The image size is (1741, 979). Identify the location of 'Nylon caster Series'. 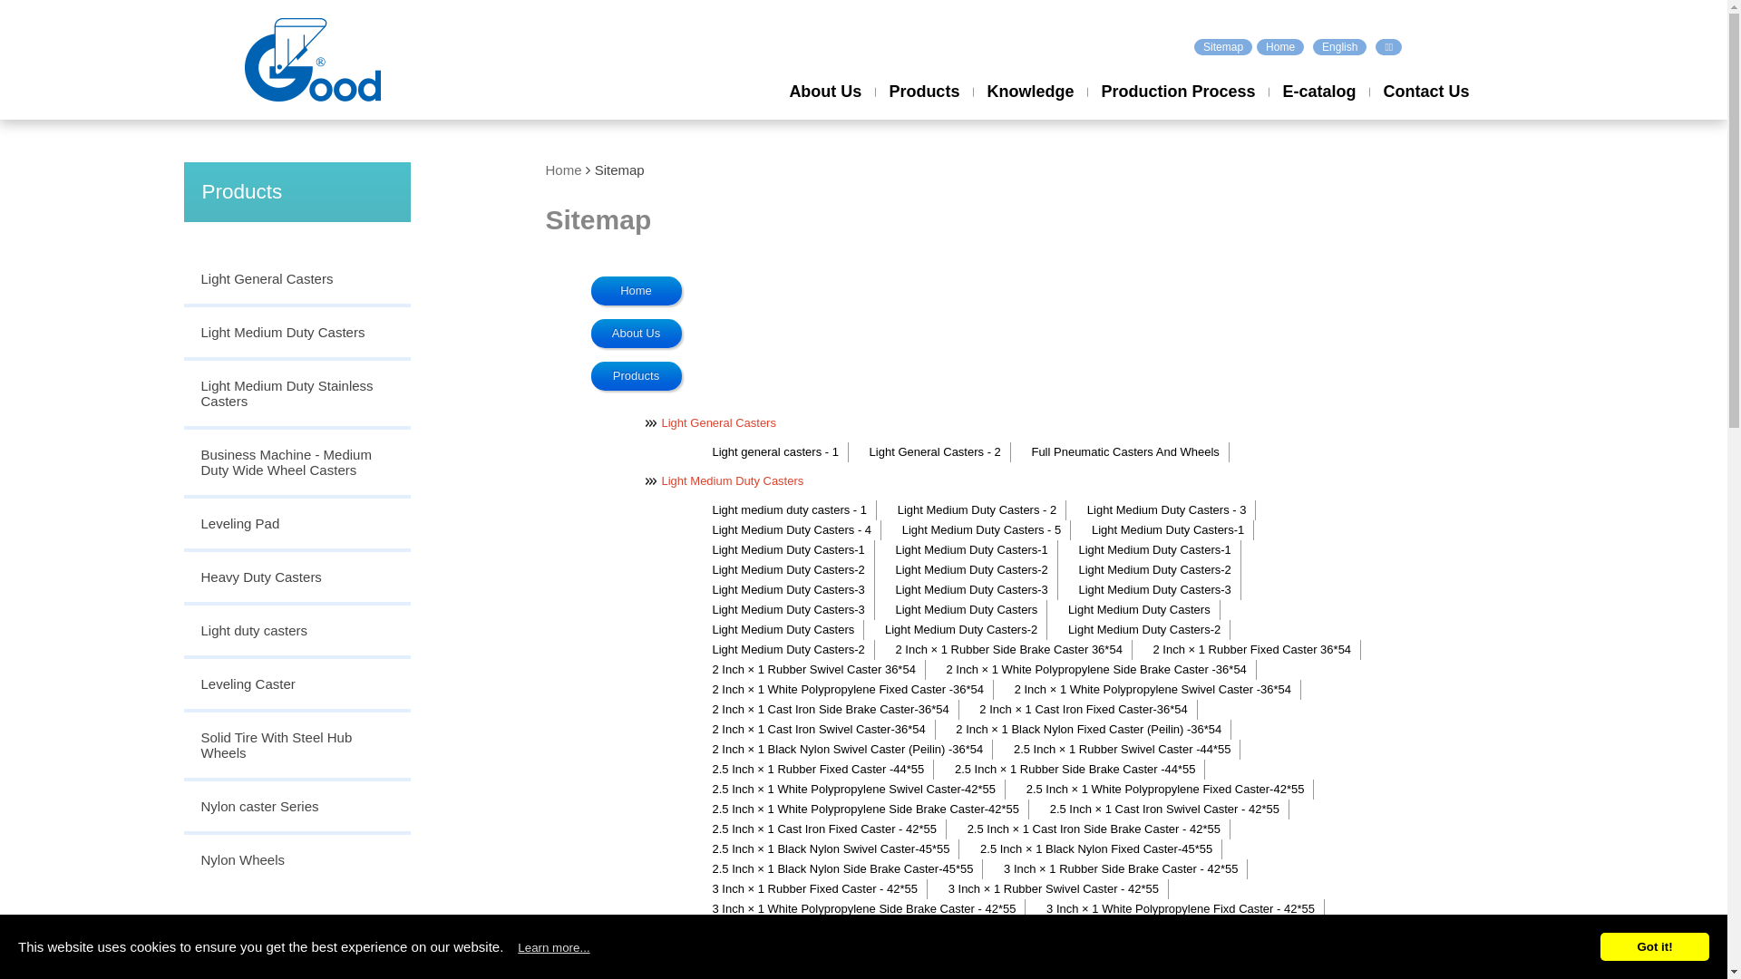
(296, 807).